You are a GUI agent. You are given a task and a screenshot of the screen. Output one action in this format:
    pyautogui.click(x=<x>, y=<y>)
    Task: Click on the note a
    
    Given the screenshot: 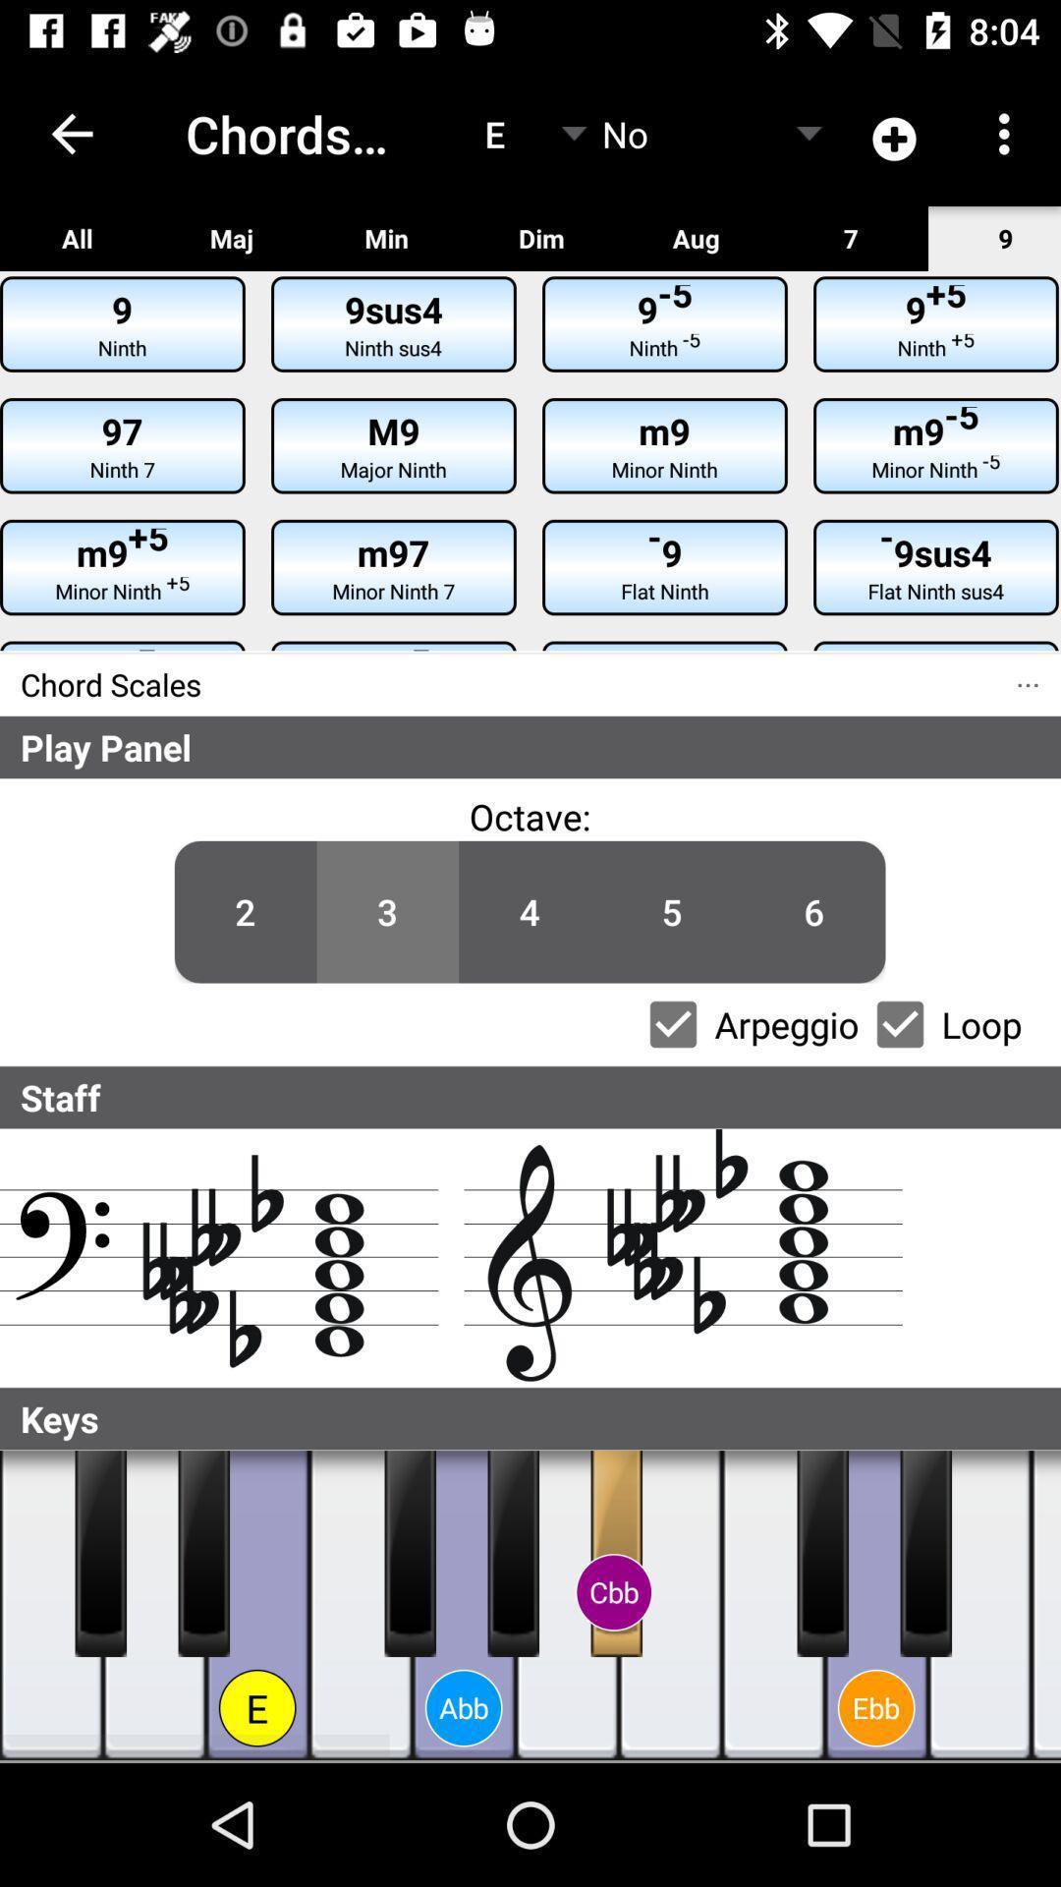 What is the action you would take?
    pyautogui.click(x=567, y=1605)
    